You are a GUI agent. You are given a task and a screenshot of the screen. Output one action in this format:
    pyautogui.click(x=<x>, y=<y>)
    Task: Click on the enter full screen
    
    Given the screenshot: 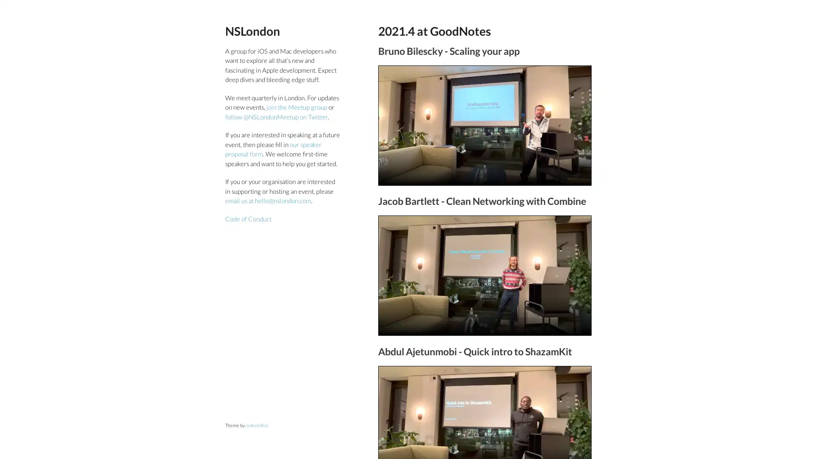 What is the action you would take?
    pyautogui.click(x=561, y=314)
    